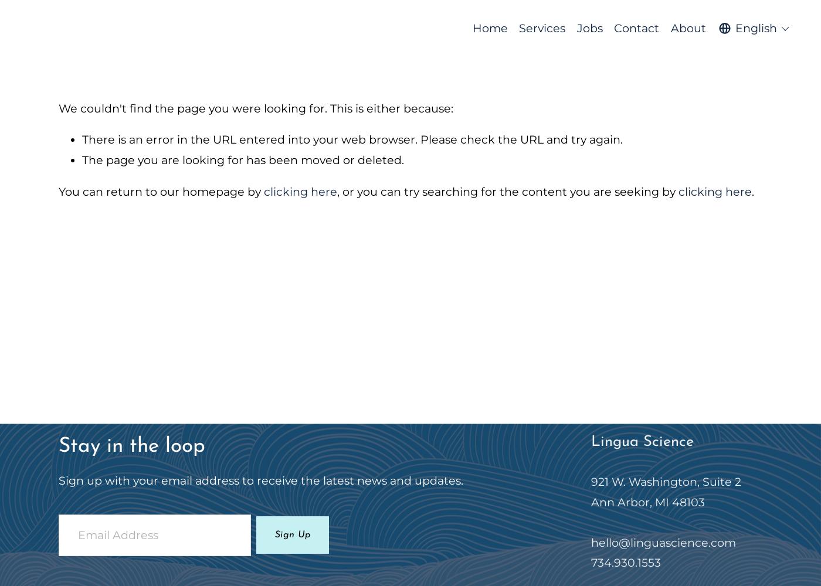  Describe the element at coordinates (82, 159) in the screenshot. I see `'The page you are looking for has been moved or deleted.'` at that location.